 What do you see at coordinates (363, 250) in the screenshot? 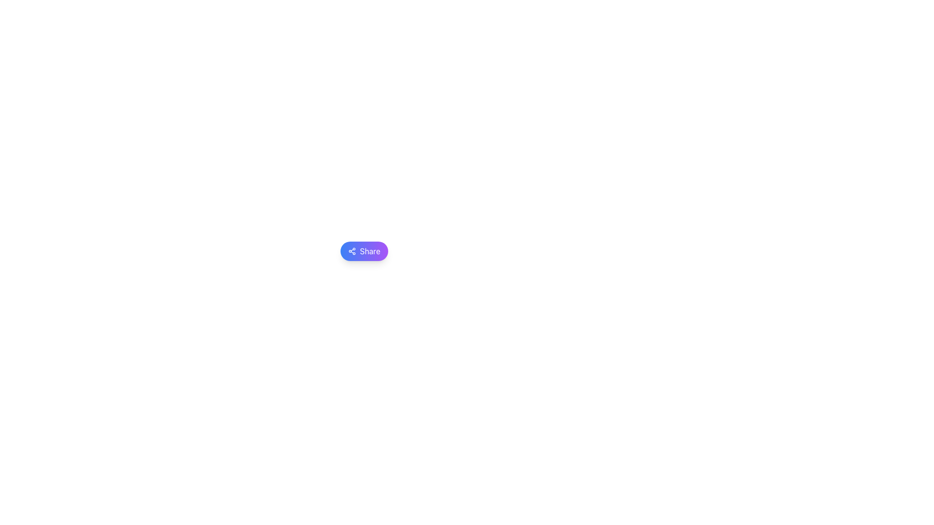
I see `the 'Share' button with a rounded gradient background and activate it` at bounding box center [363, 250].